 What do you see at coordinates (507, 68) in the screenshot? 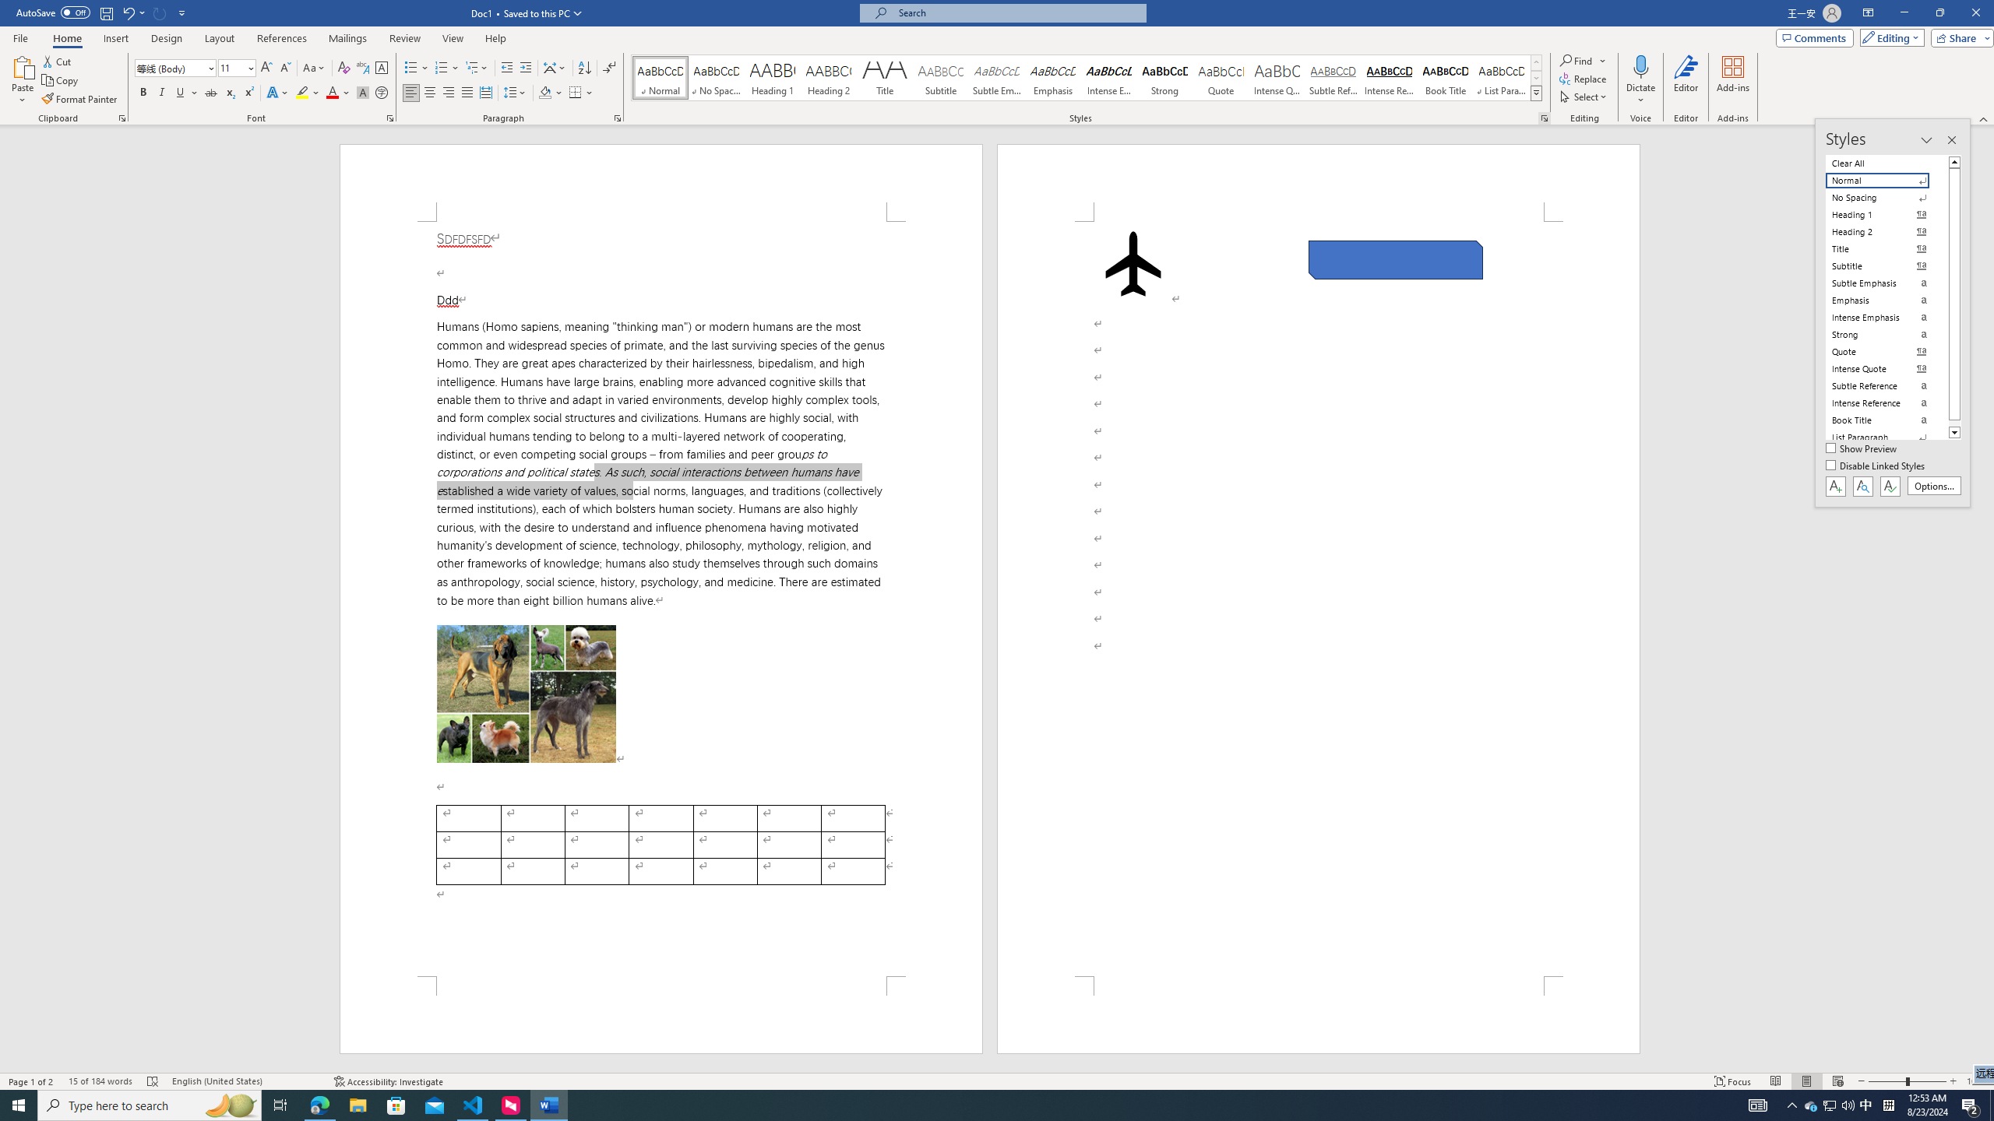
I see `'Decrease Indent'` at bounding box center [507, 68].